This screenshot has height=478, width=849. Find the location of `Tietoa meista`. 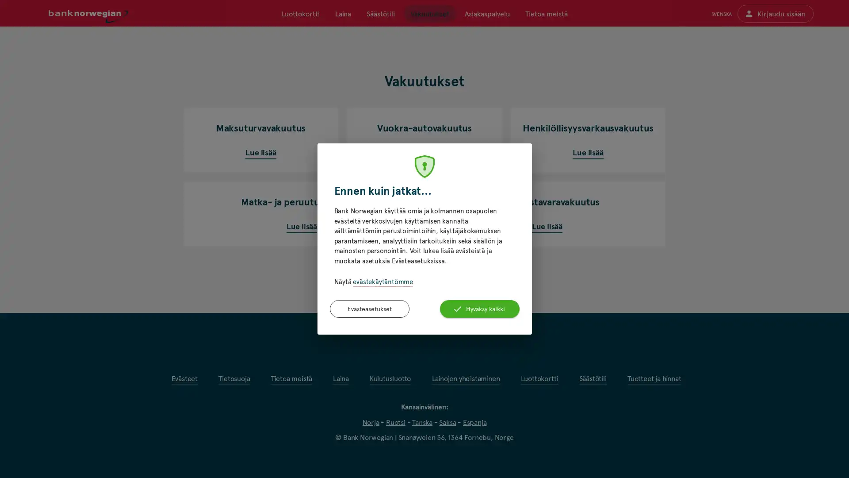

Tietoa meista is located at coordinates (545, 13).